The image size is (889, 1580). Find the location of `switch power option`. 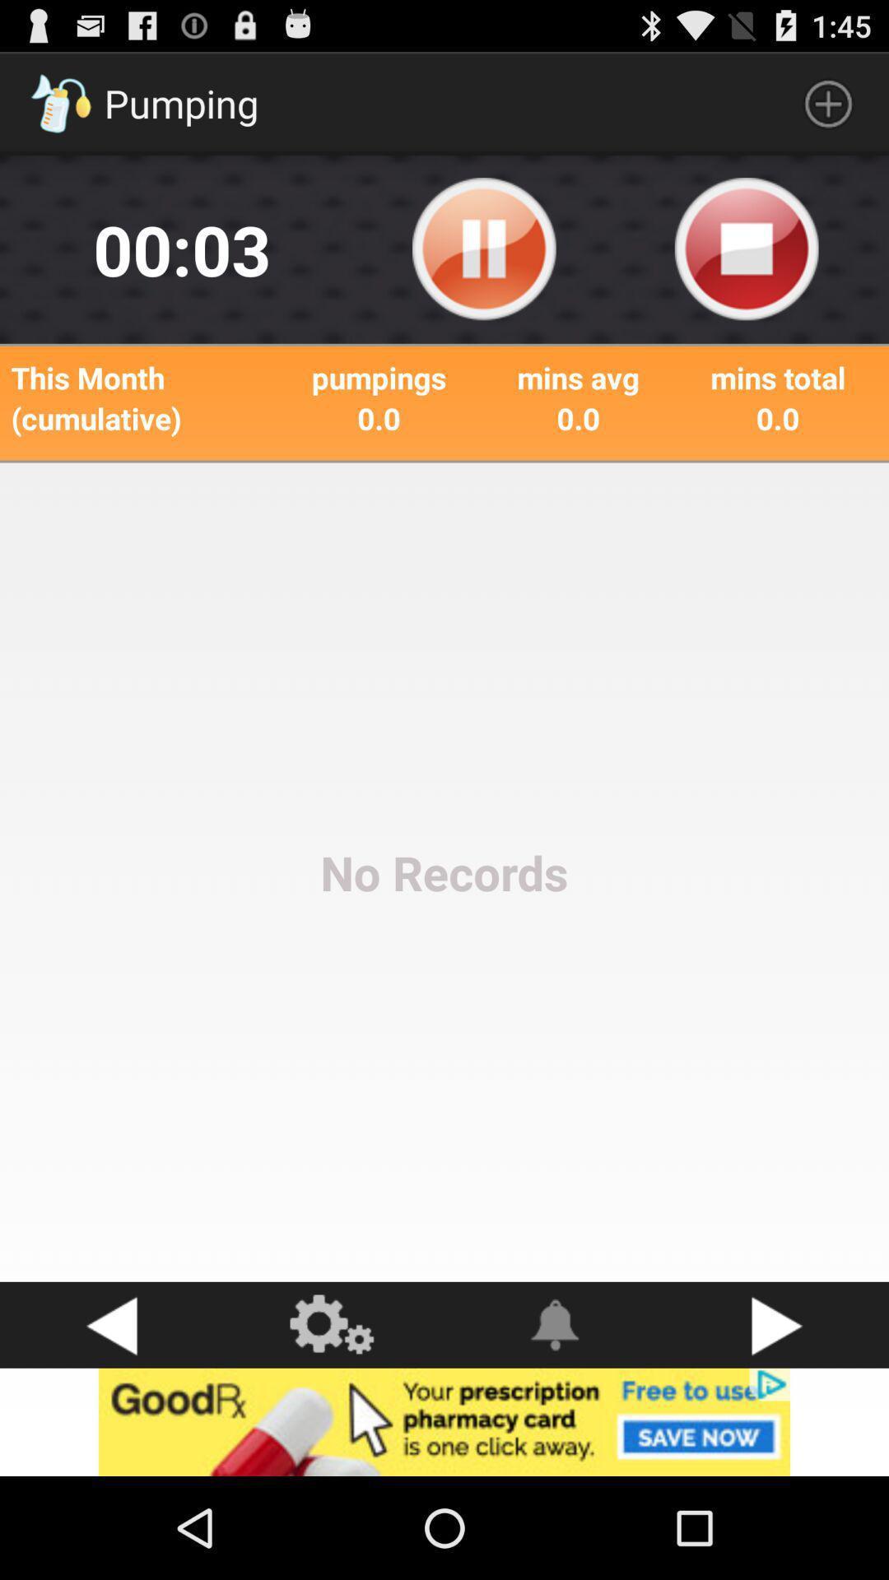

switch power option is located at coordinates (747, 249).